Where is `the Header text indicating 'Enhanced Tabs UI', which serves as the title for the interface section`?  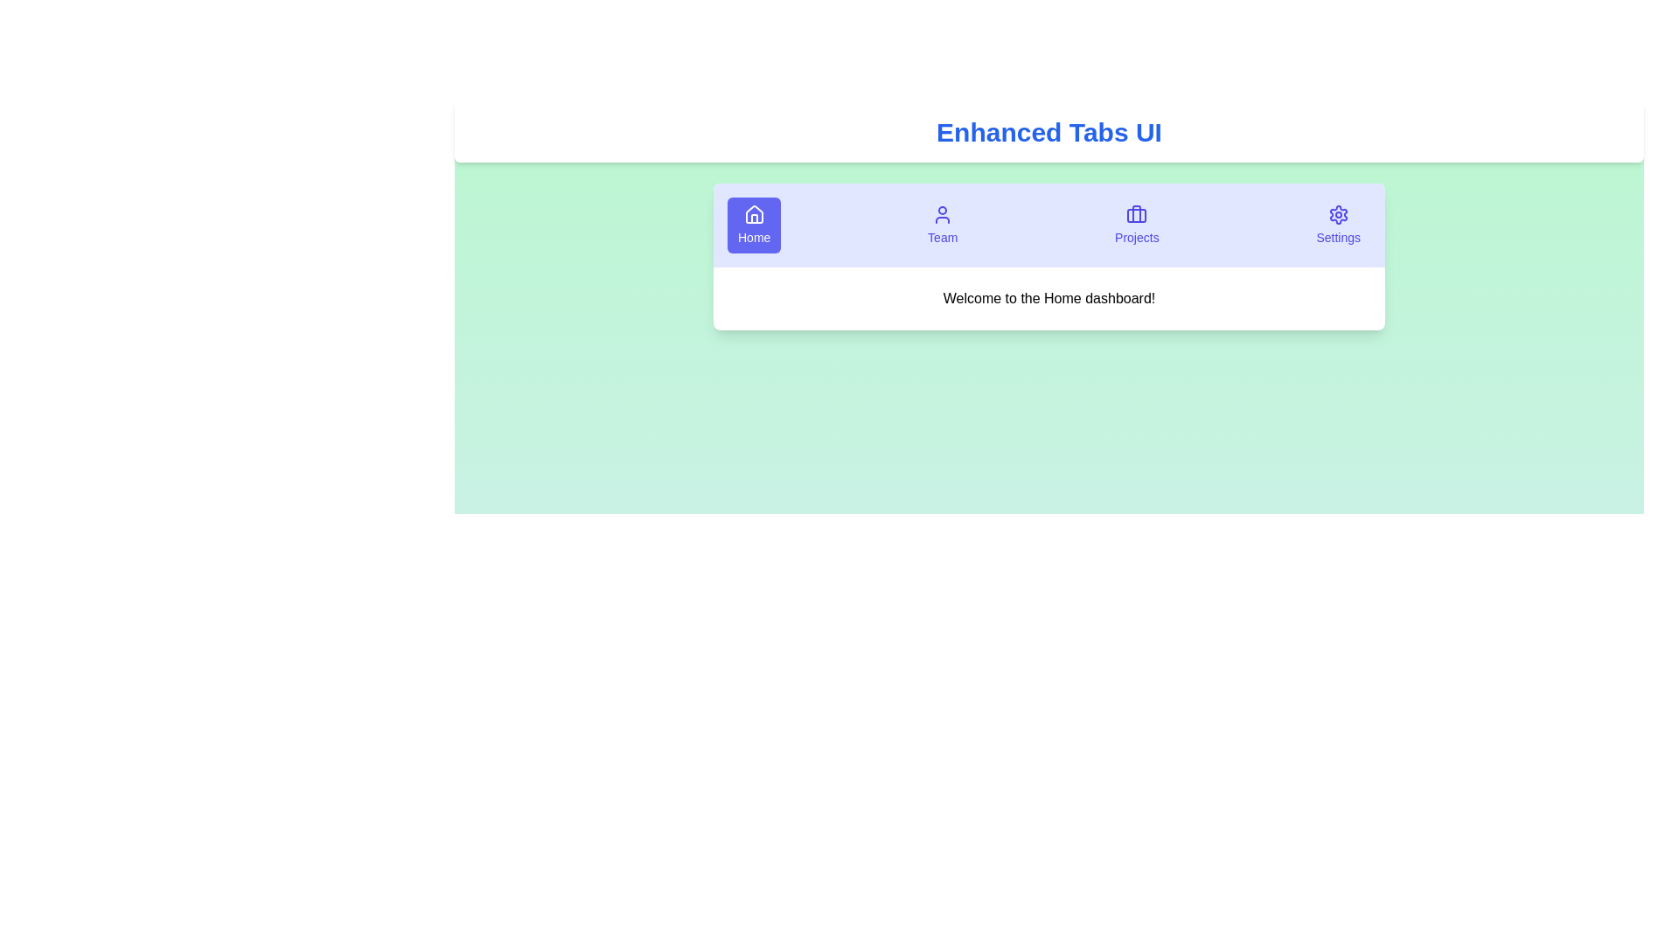
the Header text indicating 'Enhanced Tabs UI', which serves as the title for the interface section is located at coordinates (1049, 131).